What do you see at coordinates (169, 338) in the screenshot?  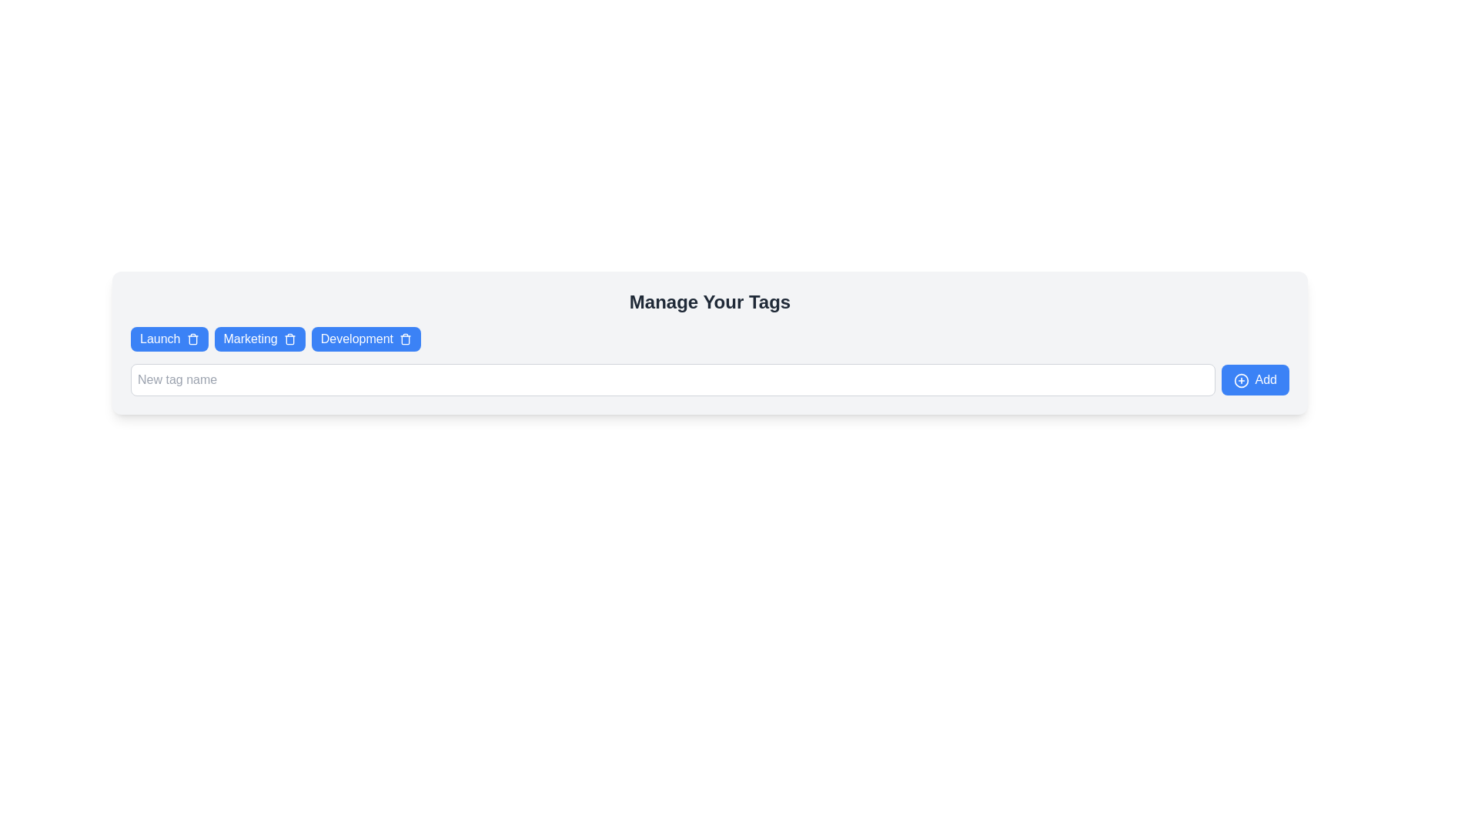 I see `the 'Launch' button, which is a rectangular button with a blue background and white text, located at the top of the interface and positioned to the left of the 'Marketing' and 'Development' buttons` at bounding box center [169, 338].